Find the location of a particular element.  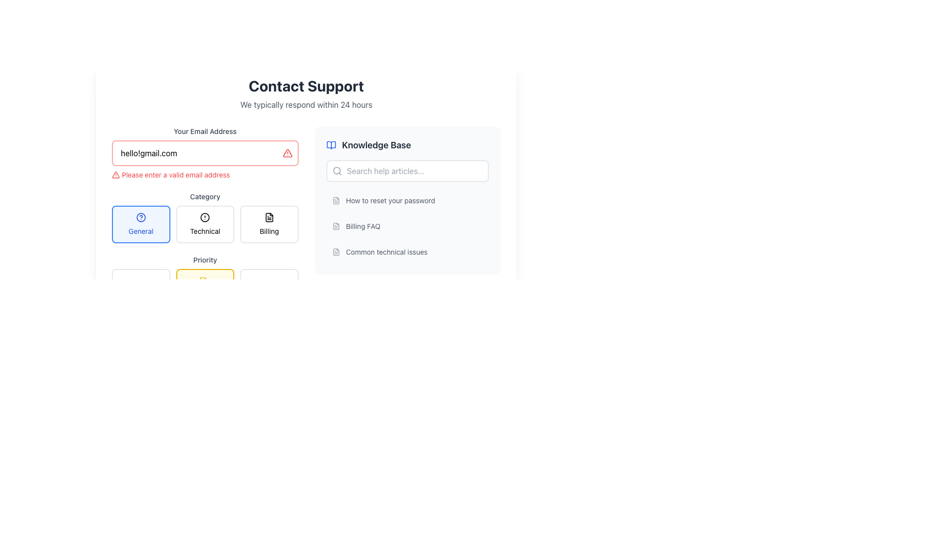

the 'Billing' text label within the button in the 'Category' section, which is the third button aligned horizontally is located at coordinates (269, 231).